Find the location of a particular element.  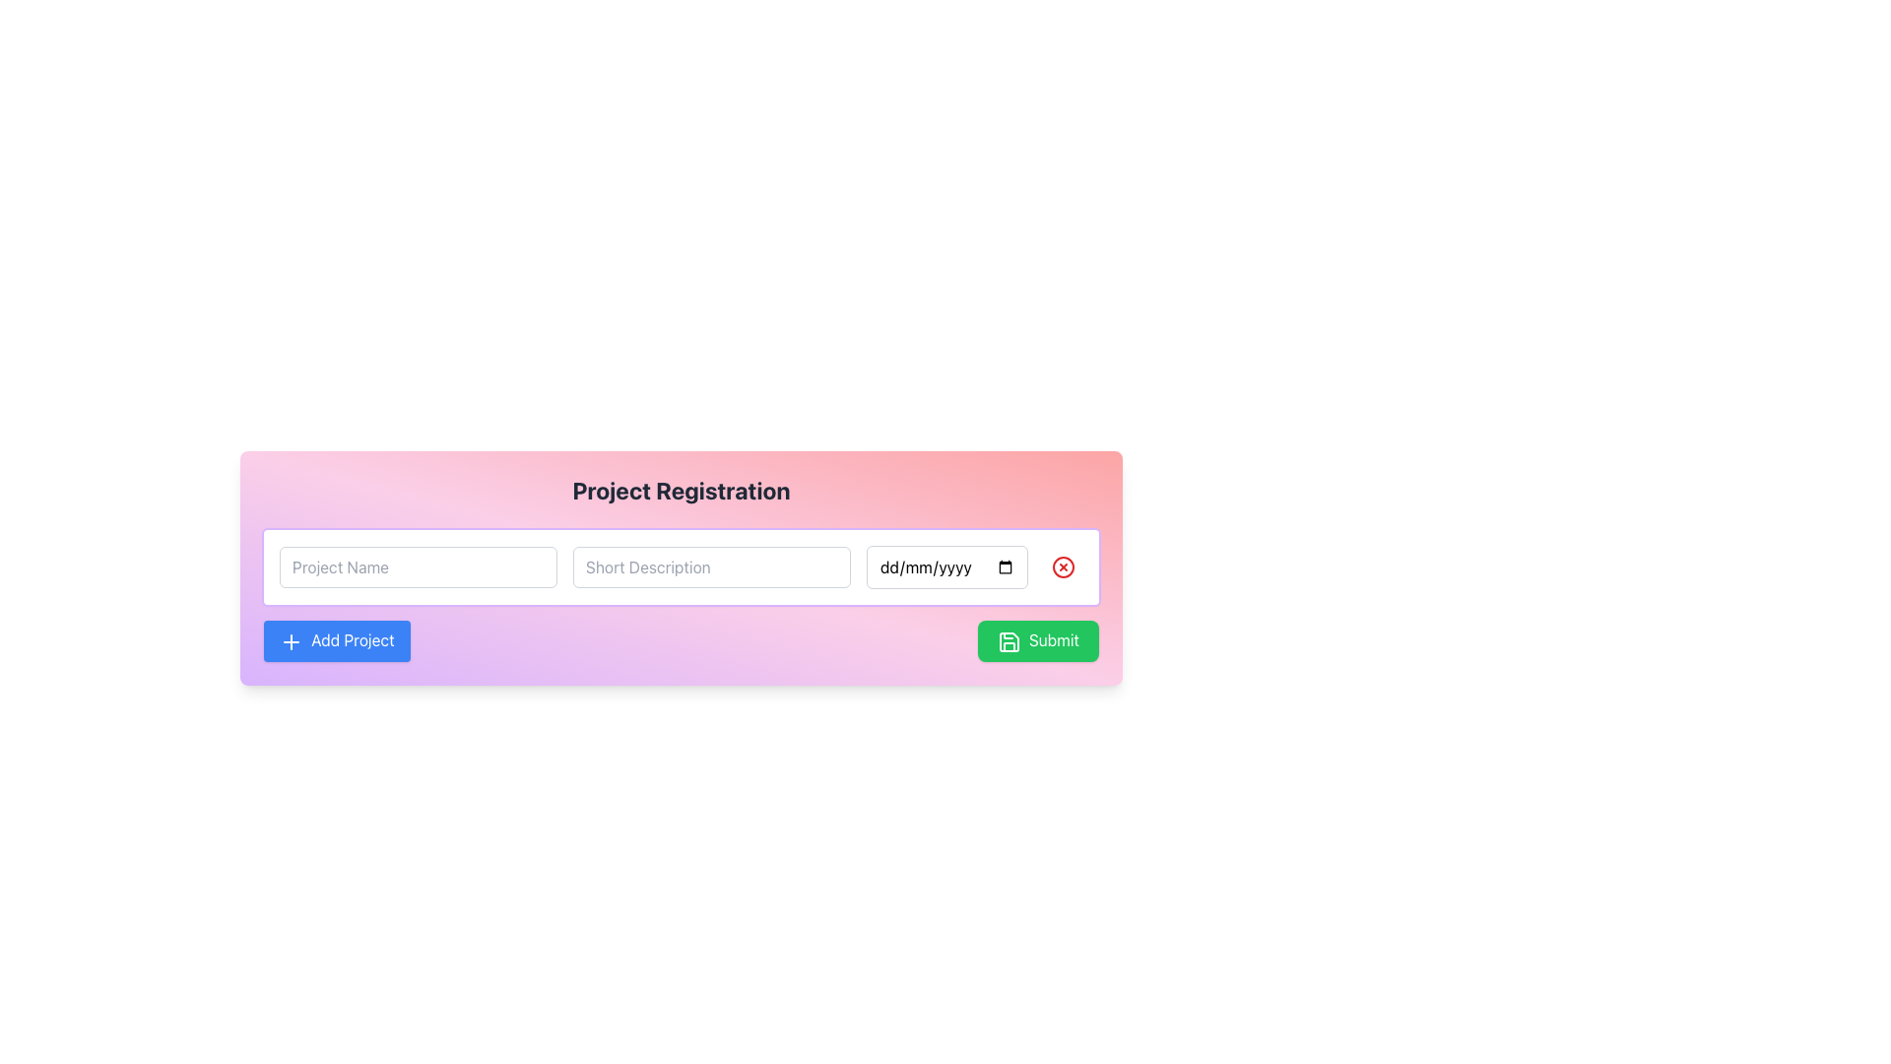

a date from the date picker in the date input field located between the 'Short Description' text input and the red delete button is located at coordinates (946, 566).